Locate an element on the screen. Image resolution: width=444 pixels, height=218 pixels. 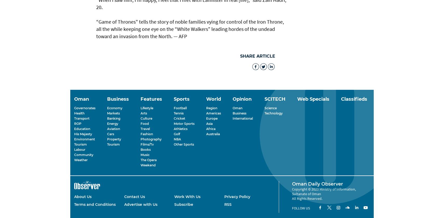
'Environment' is located at coordinates (74, 139).